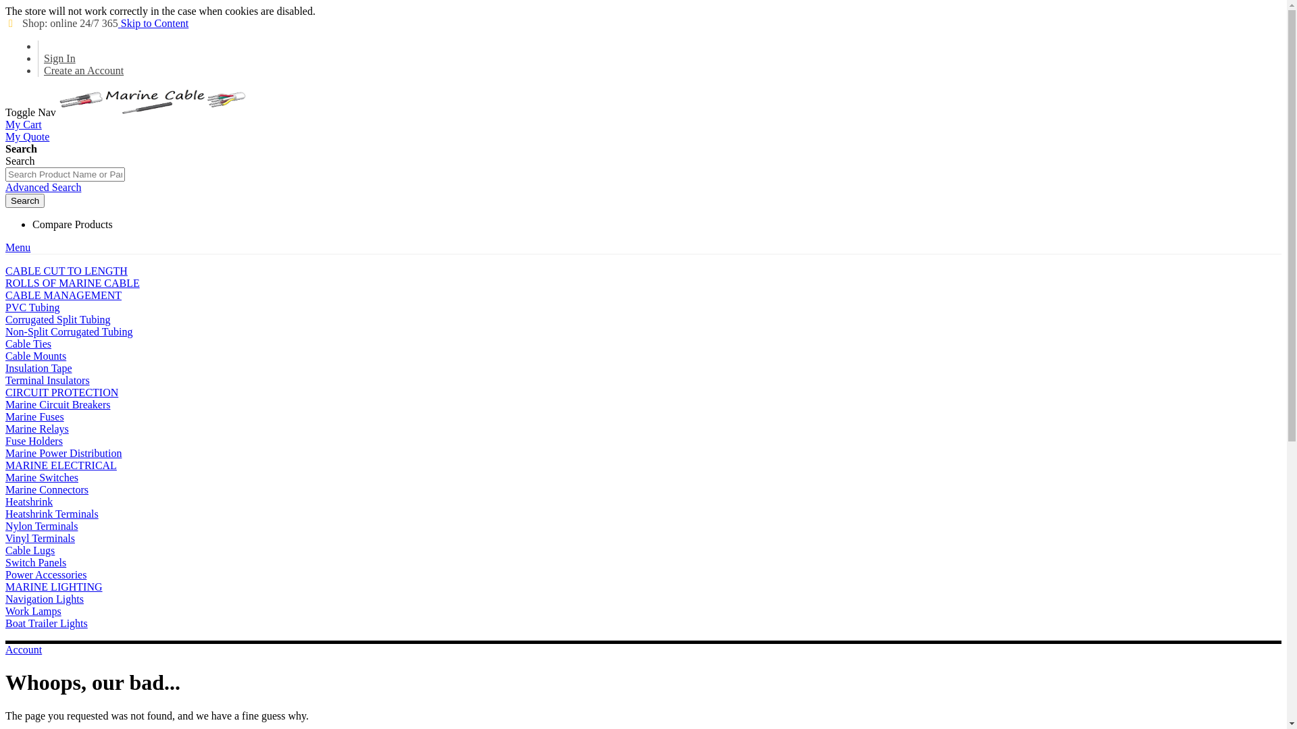 Image resolution: width=1297 pixels, height=729 pixels. What do you see at coordinates (43, 187) in the screenshot?
I see `'Advanced Search'` at bounding box center [43, 187].